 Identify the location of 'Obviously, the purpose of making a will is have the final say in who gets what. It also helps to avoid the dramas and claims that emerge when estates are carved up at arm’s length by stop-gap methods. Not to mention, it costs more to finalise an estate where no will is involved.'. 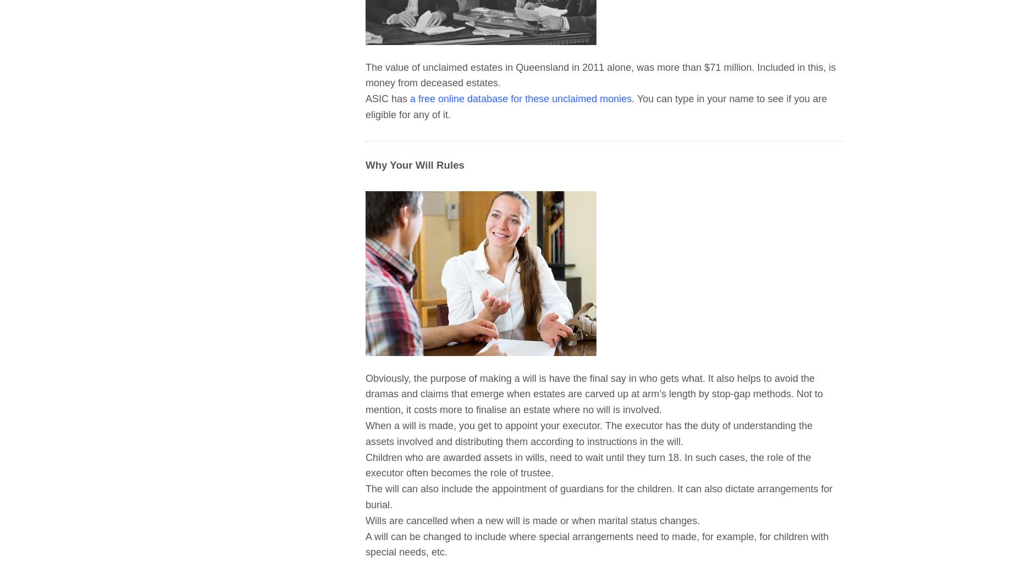
(593, 394).